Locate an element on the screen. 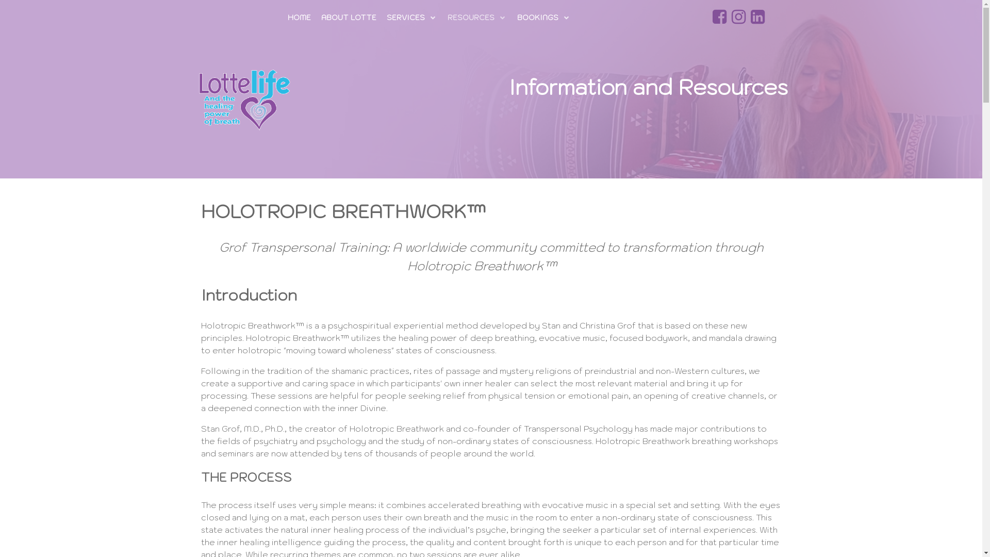  'HOME' is located at coordinates (299, 17).